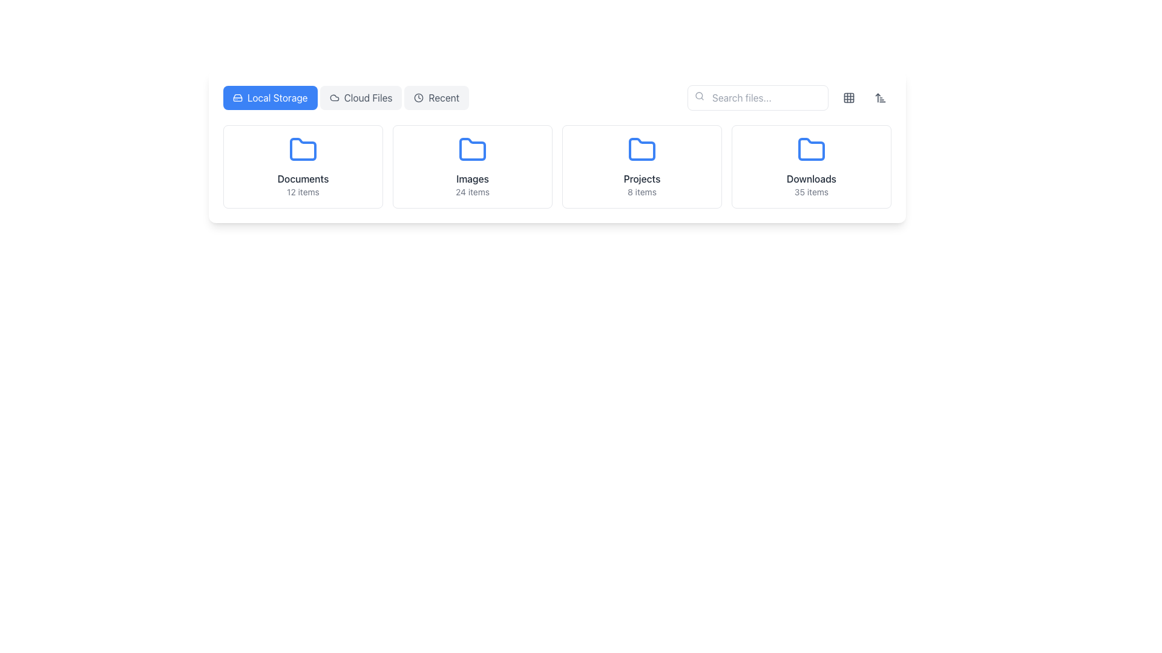 This screenshot has width=1162, height=653. Describe the element at coordinates (303, 191) in the screenshot. I see `the static text label reading '12 items' located within the 'Documents' folder card, positioned directly below the title 'Documents.'` at that location.